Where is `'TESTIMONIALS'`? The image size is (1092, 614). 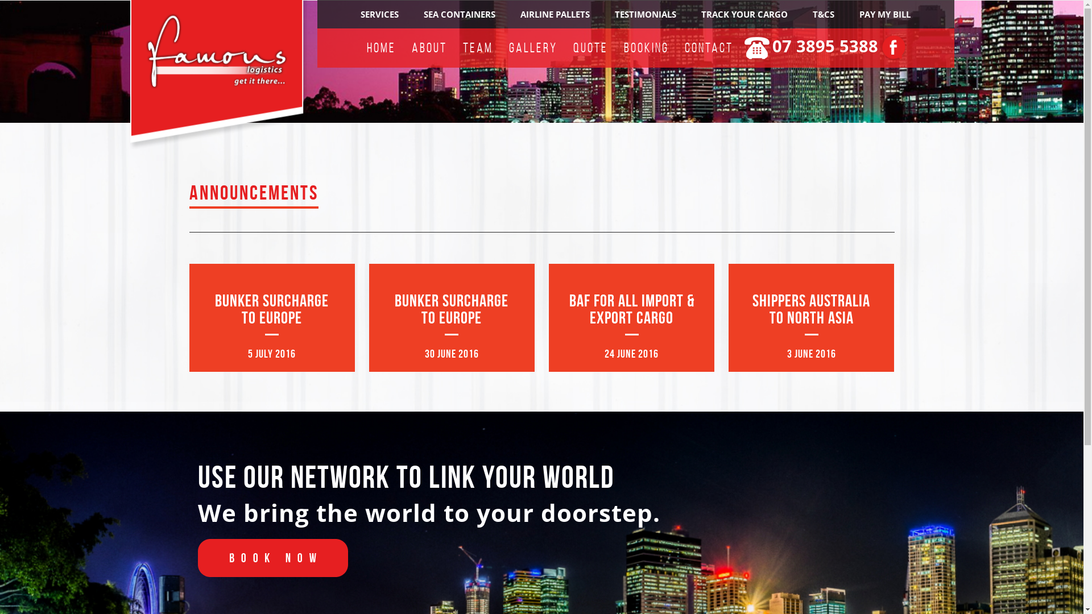 'TESTIMONIALS' is located at coordinates (645, 14).